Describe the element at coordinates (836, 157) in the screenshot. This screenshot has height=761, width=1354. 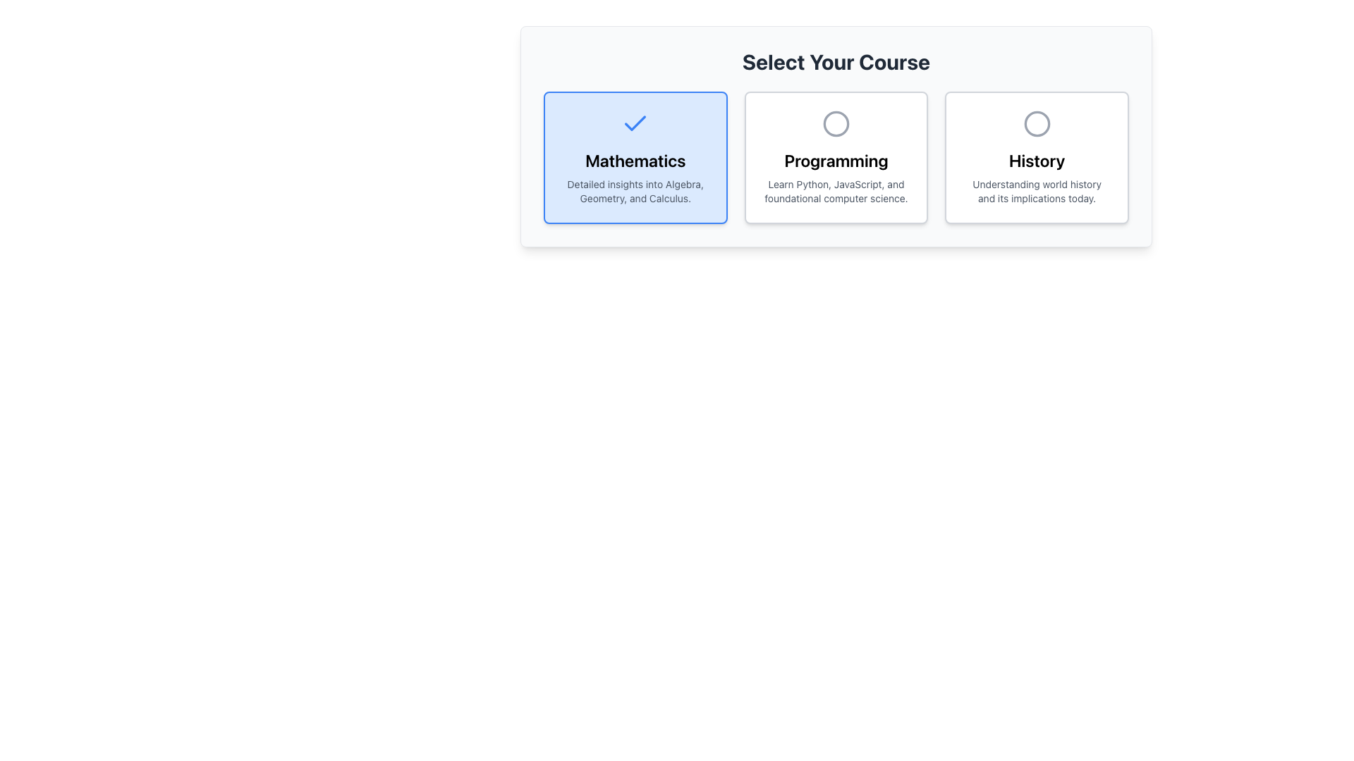
I see `the Grid layout with selectable options` at that location.